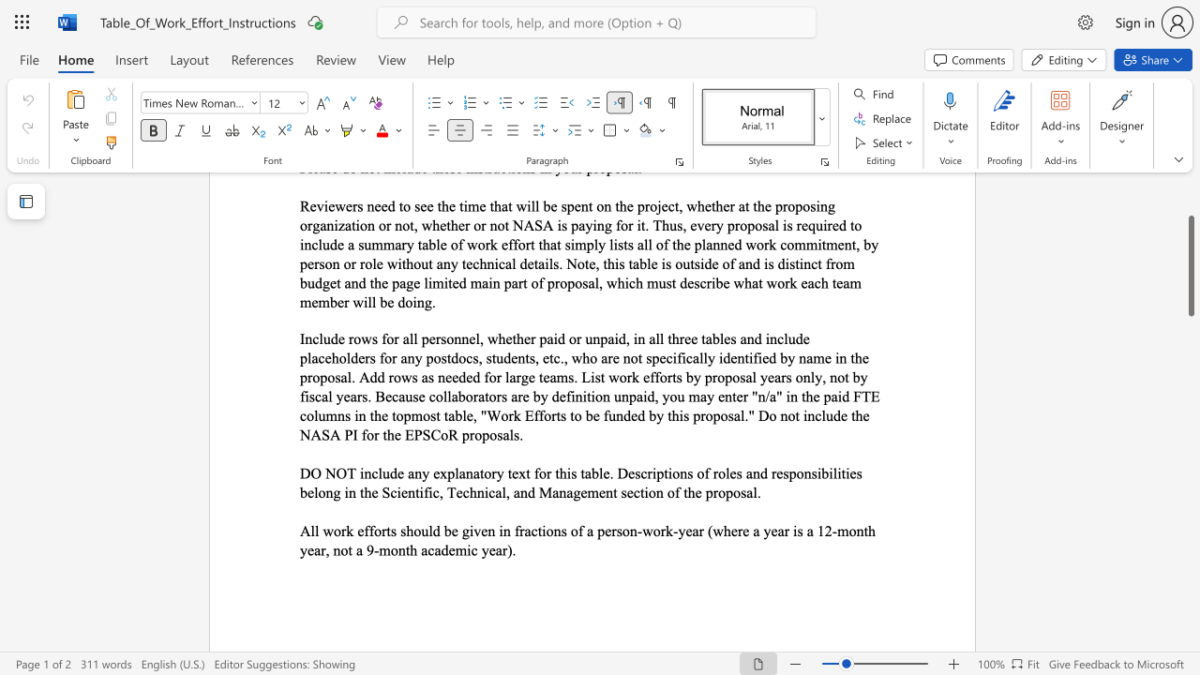 Image resolution: width=1200 pixels, height=675 pixels. Describe the element at coordinates (1190, 266) in the screenshot. I see `the scrollbar and move up 170 pixels` at that location.